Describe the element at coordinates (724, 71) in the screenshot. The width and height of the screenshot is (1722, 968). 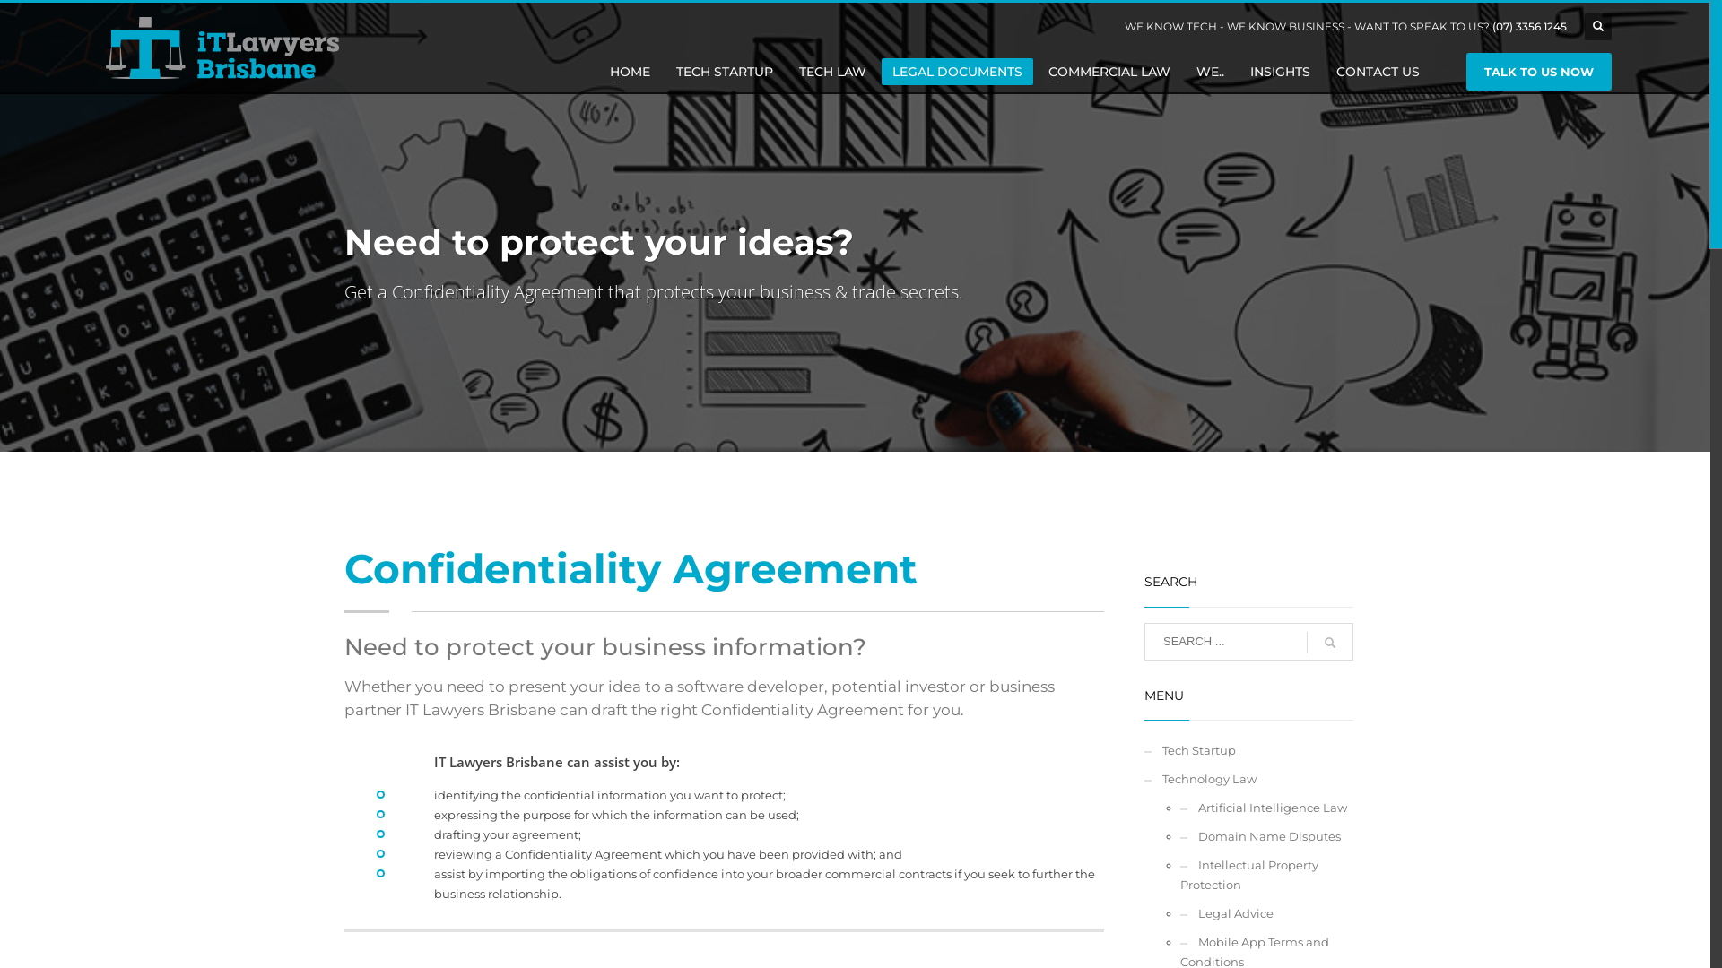
I see `'TECH STARTUP'` at that location.